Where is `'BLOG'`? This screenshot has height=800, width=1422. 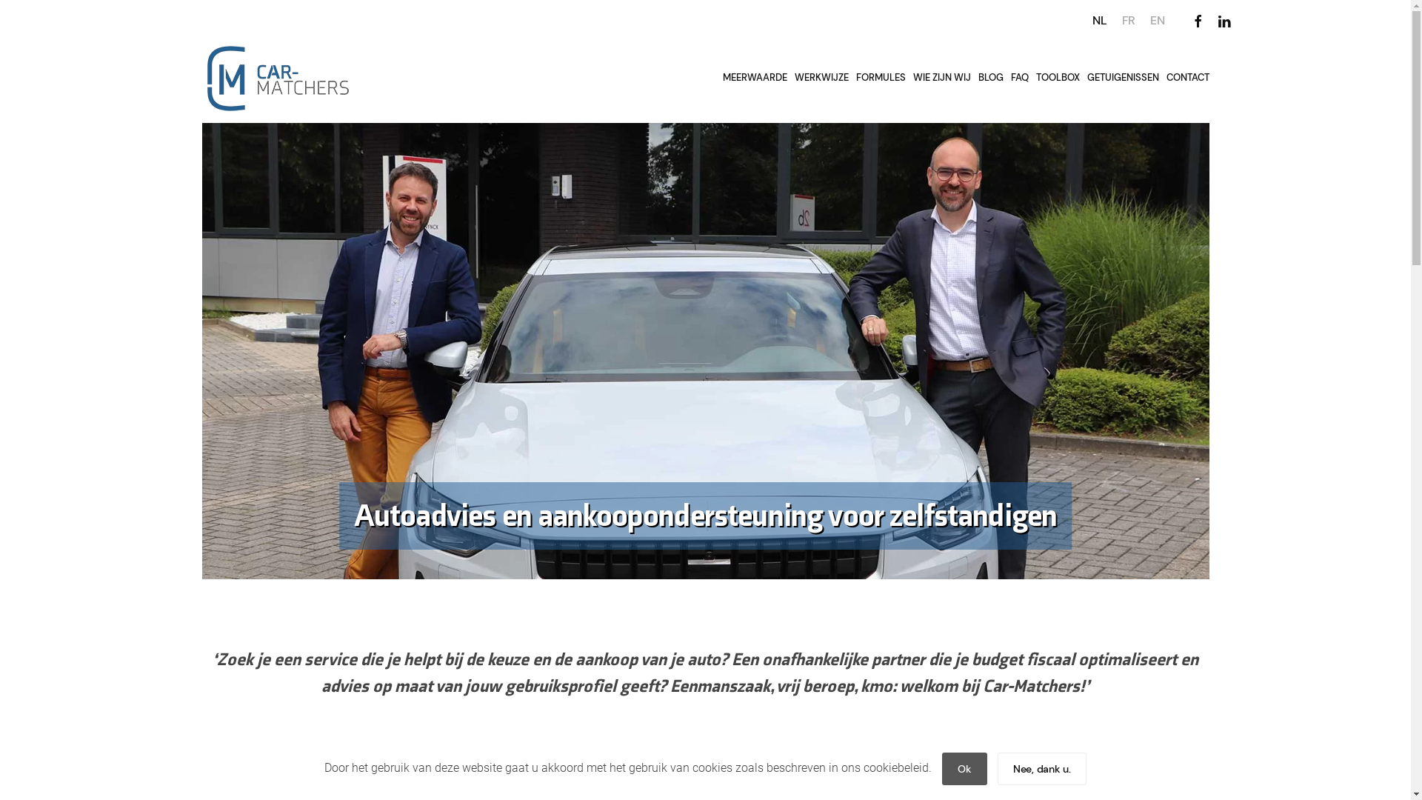 'BLOG' is located at coordinates (991, 78).